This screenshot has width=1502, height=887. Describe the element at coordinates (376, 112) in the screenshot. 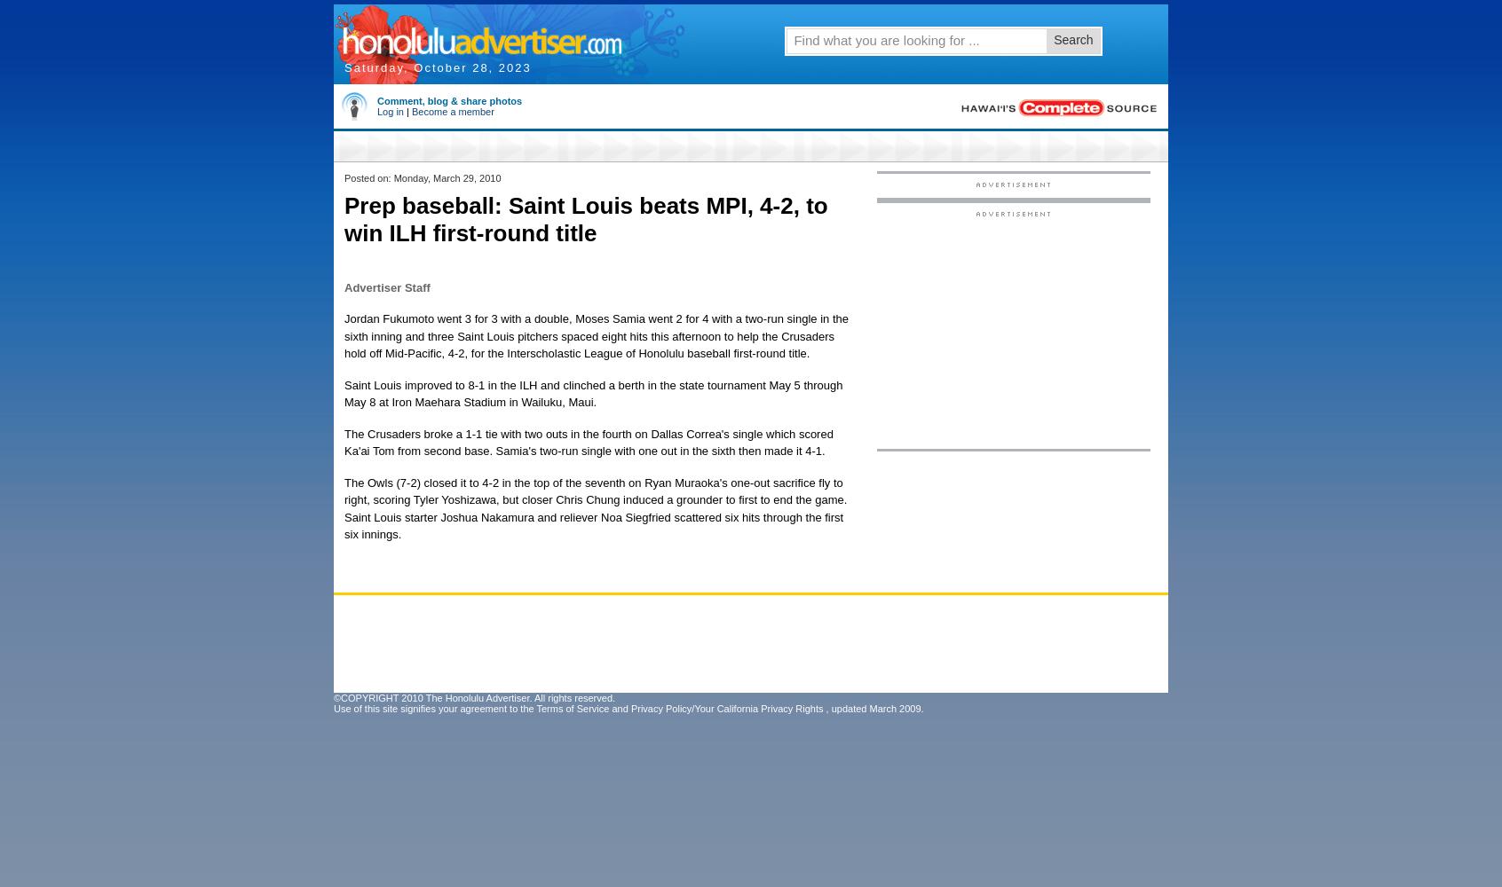

I see `'Log in'` at that location.